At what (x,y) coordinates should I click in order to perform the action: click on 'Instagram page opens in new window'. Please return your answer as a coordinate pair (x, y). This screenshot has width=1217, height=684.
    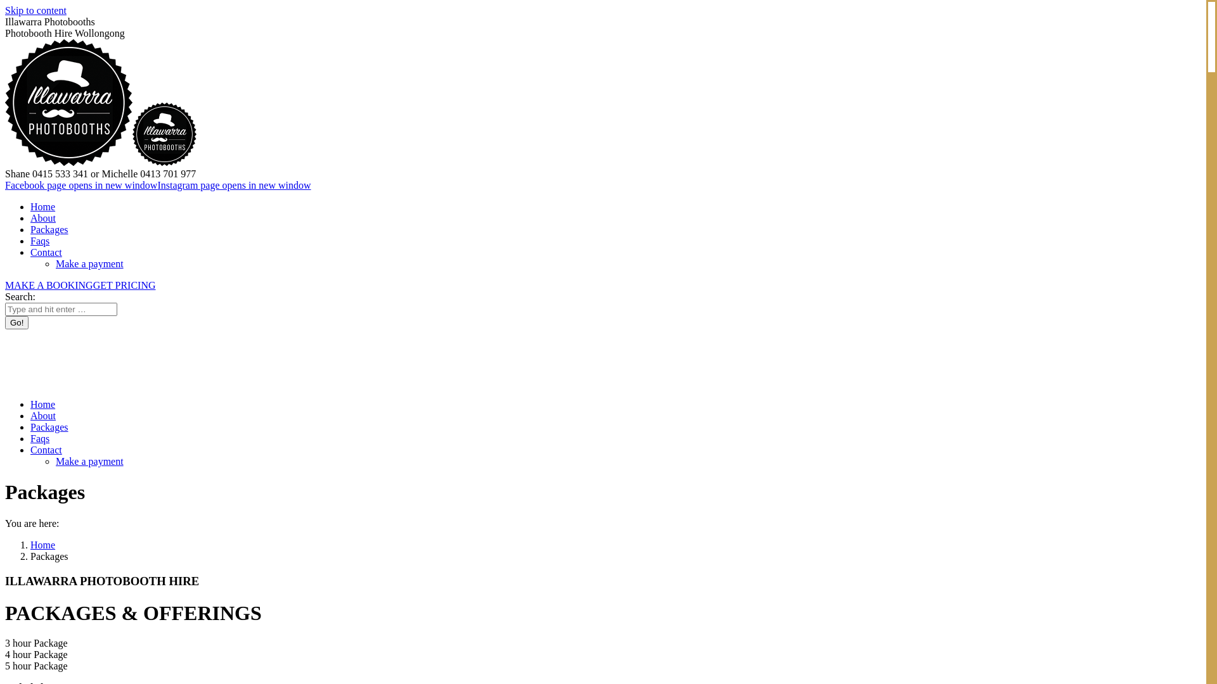
    Looking at the image, I should click on (234, 185).